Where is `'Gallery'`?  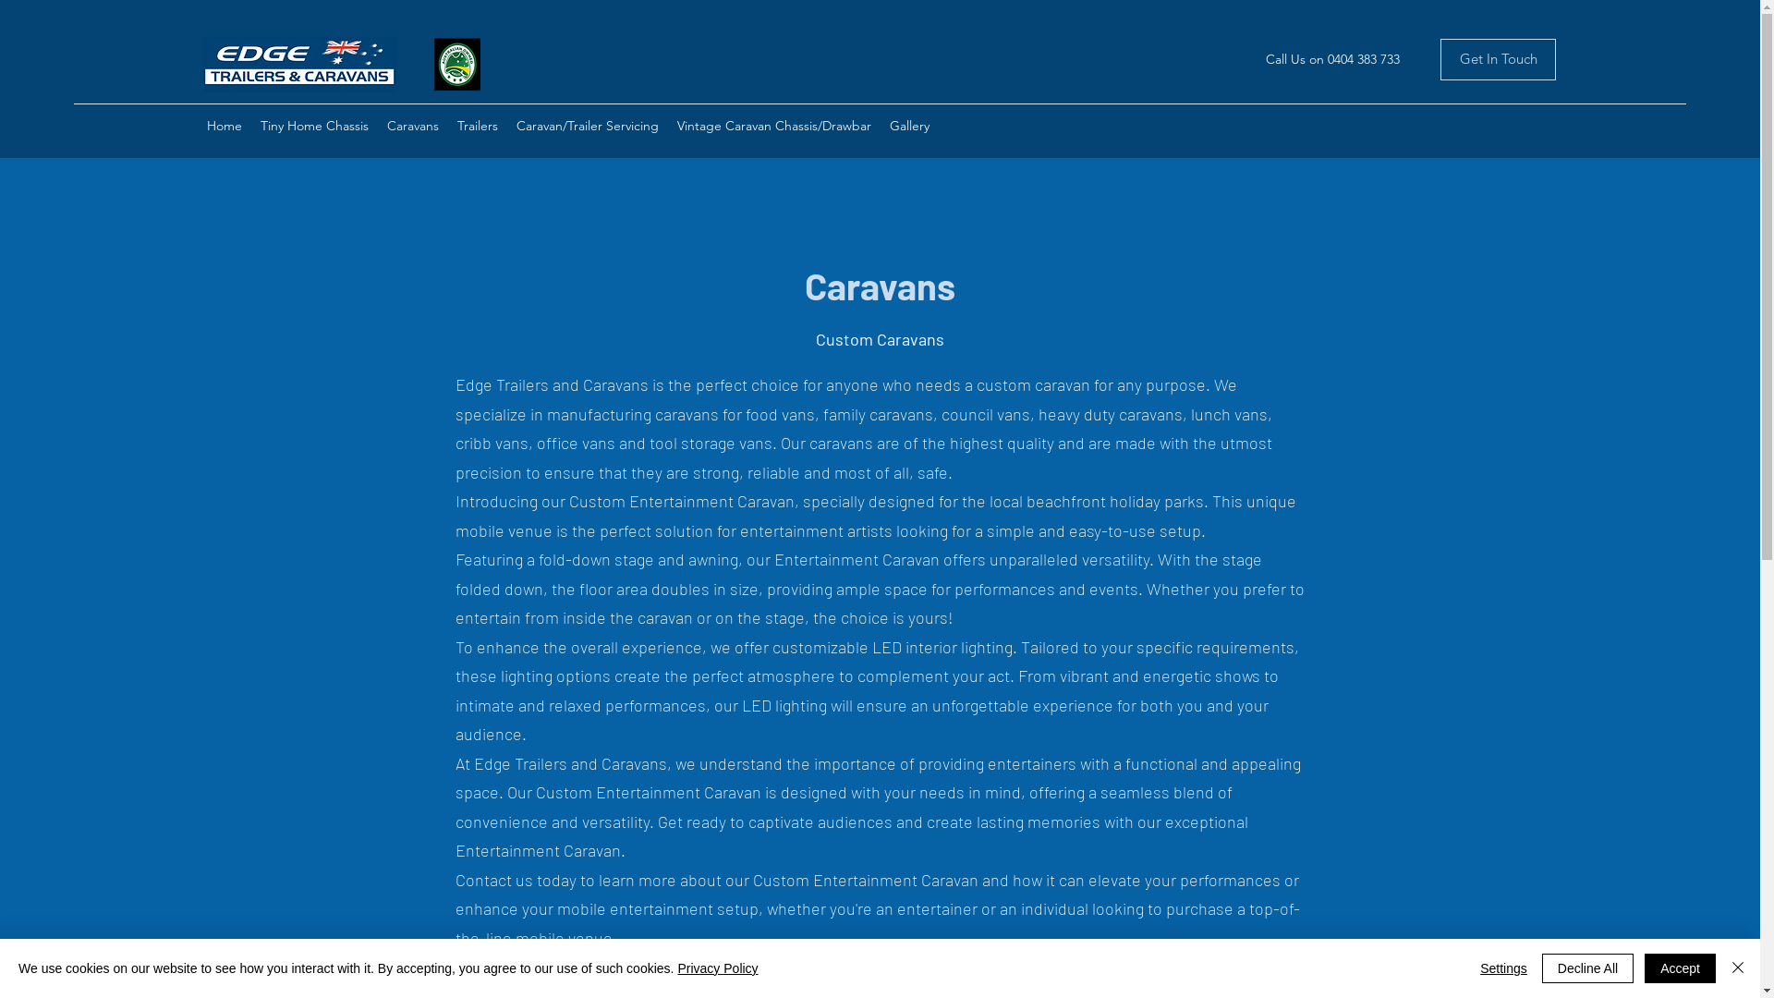 'Gallery' is located at coordinates (909, 125).